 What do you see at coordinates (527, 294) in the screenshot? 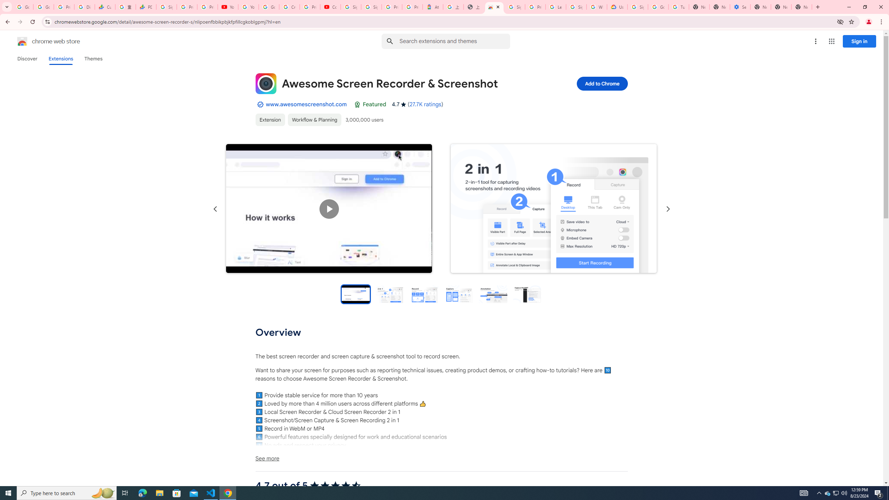
I see `'Preview slide 6'` at bounding box center [527, 294].